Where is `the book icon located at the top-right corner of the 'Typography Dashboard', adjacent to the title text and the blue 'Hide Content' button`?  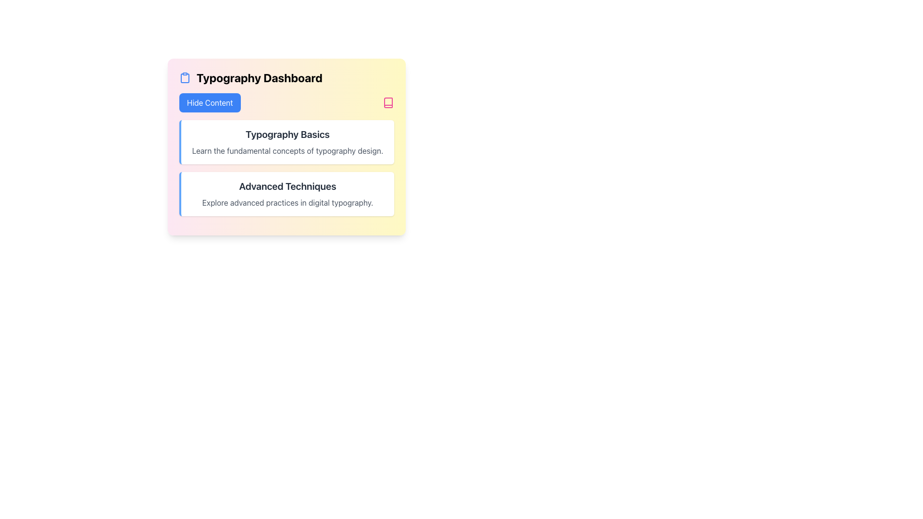 the book icon located at the top-right corner of the 'Typography Dashboard', adjacent to the title text and the blue 'Hide Content' button is located at coordinates (388, 102).